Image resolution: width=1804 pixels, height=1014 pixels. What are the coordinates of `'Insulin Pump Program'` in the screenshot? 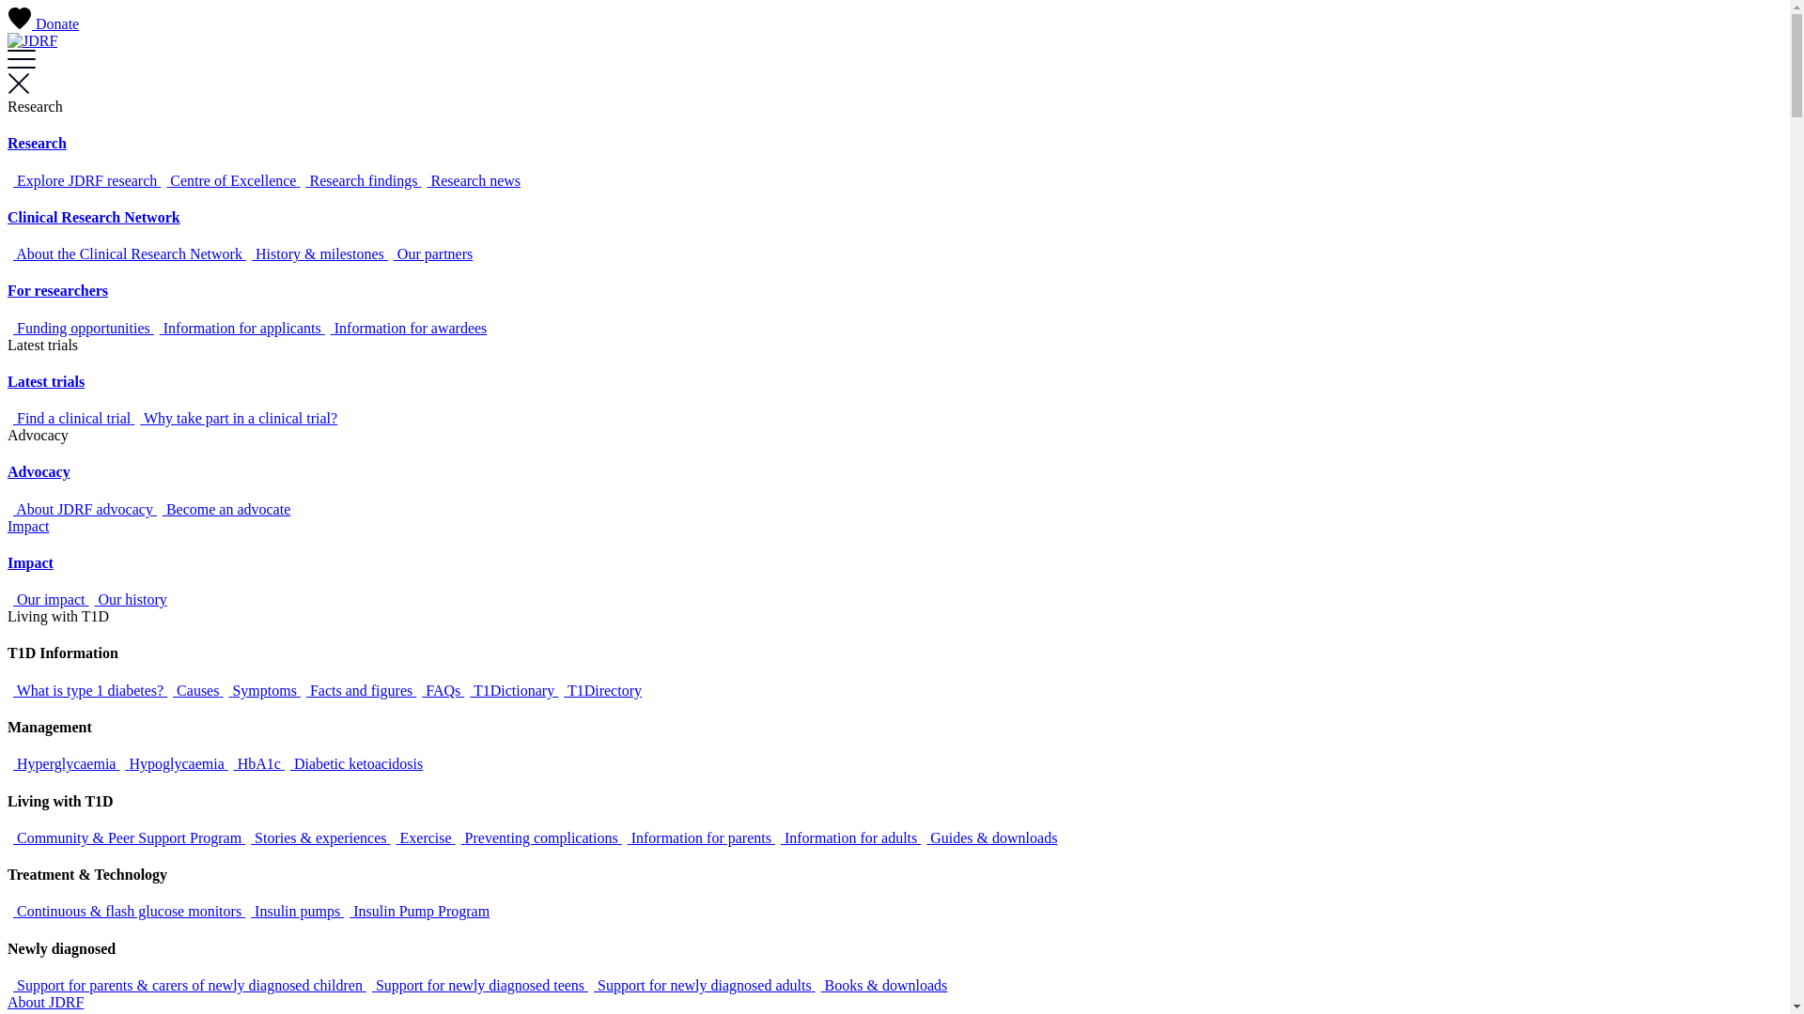 It's located at (343, 910).